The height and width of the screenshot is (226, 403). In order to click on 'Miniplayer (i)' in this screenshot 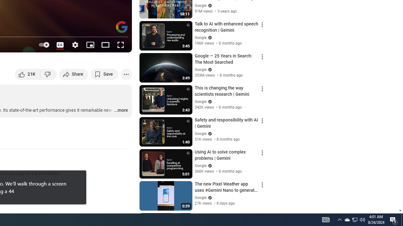, I will do `click(90, 44)`.